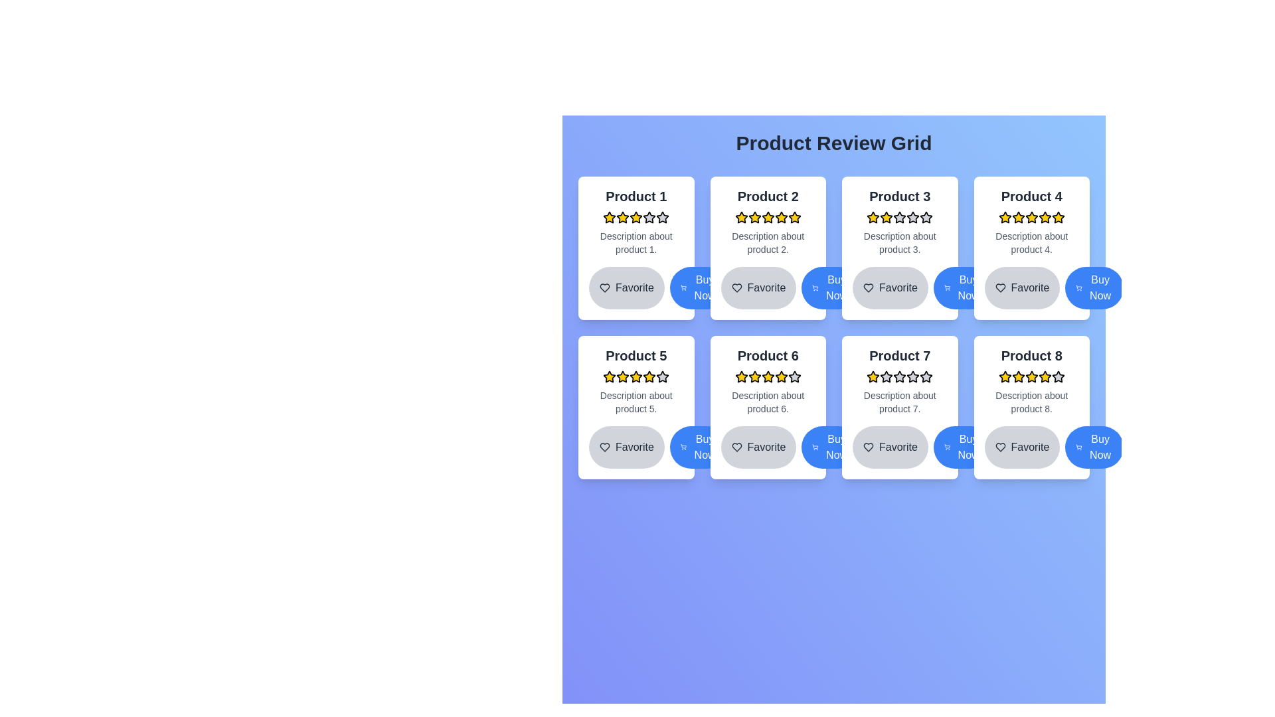 The image size is (1275, 717). What do you see at coordinates (1031, 376) in the screenshot?
I see `the rating represented by the stars on the Rating indicator, which consists of five star icons with the fourth star highlighted, located within the 'Product 8' card` at bounding box center [1031, 376].